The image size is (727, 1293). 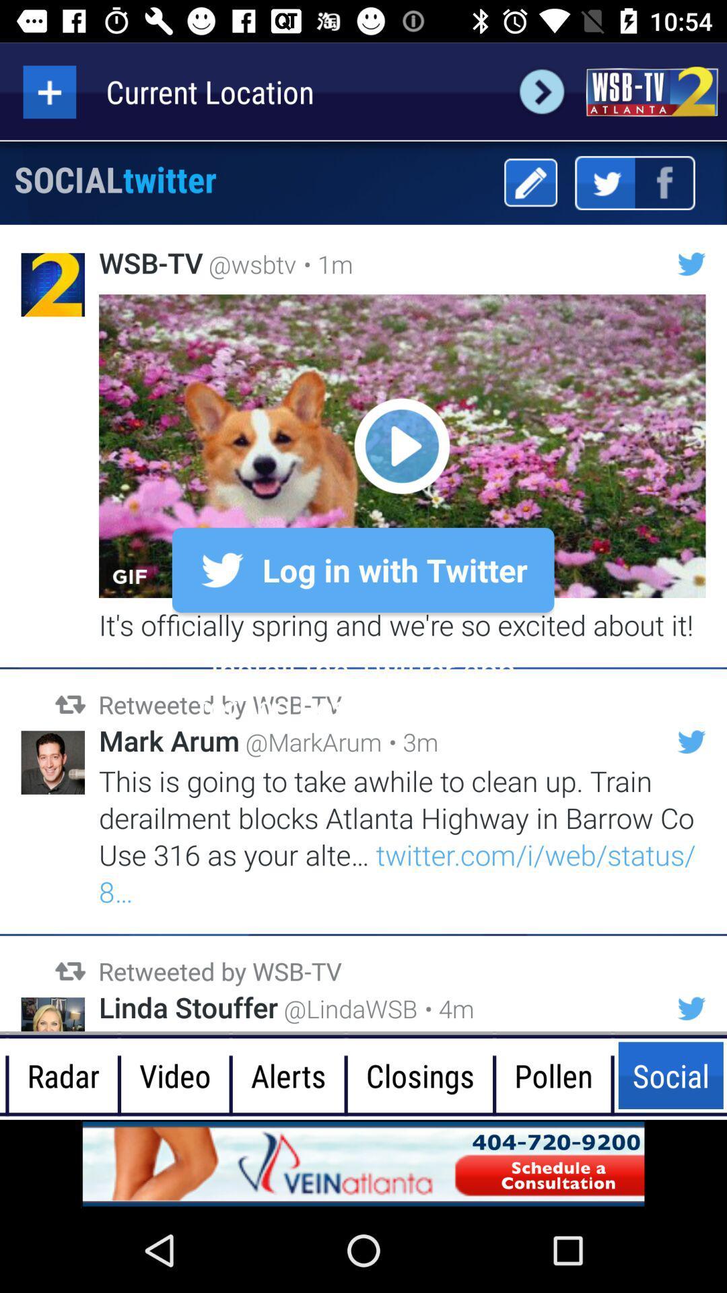 I want to click on open advertisements, so click(x=363, y=1163).